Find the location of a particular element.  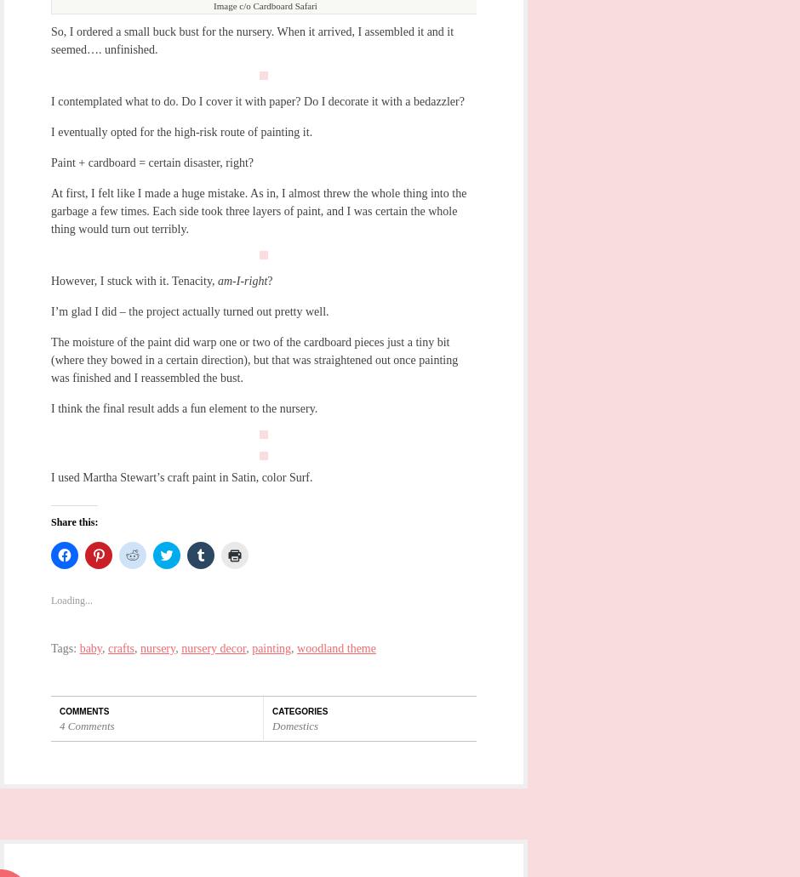

'Image c/o Cardboard Safari' is located at coordinates (213, 4).